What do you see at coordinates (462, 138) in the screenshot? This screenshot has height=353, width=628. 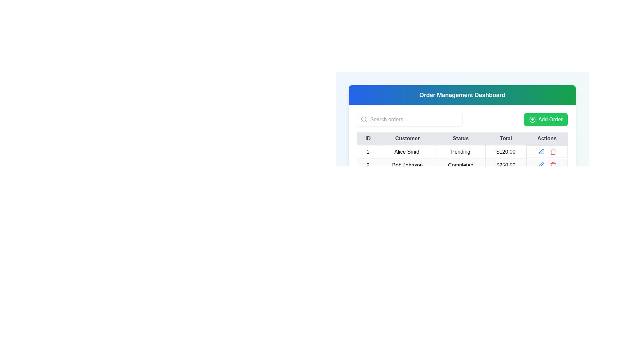 I see `the 'Status' column header label in the table, which is centrally located between the 'Customer' and 'Total' columns, below a green header bar` at bounding box center [462, 138].